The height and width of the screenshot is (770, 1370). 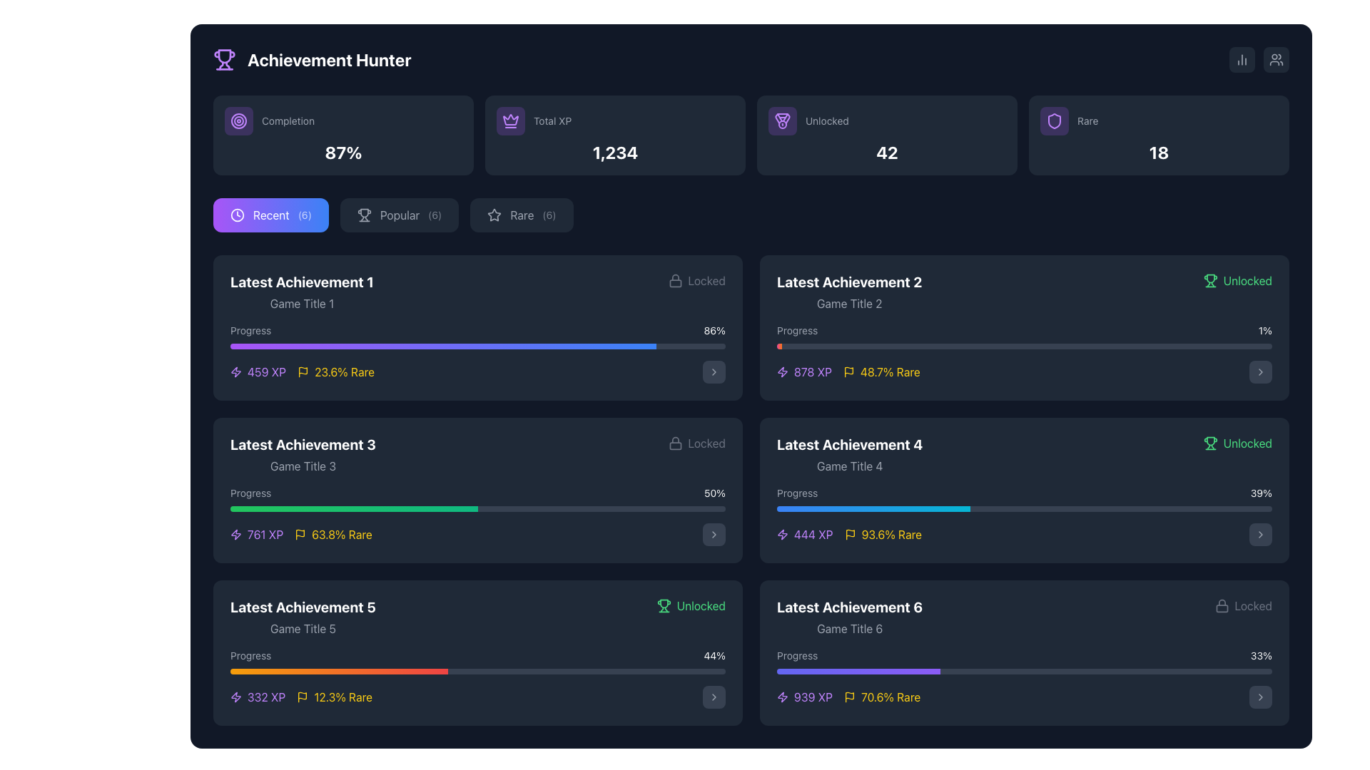 What do you see at coordinates (237, 215) in the screenshot?
I see `SVG properties of the stroked circle within the 'Recent' button's clock icon located on the left section of the interface` at bounding box center [237, 215].